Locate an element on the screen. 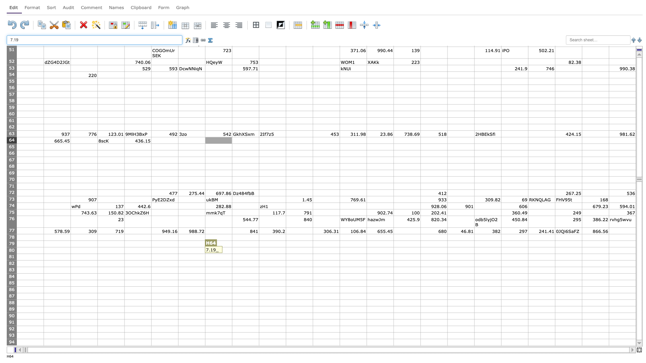  Top left corner of cell I-80 is located at coordinates (232, 247).